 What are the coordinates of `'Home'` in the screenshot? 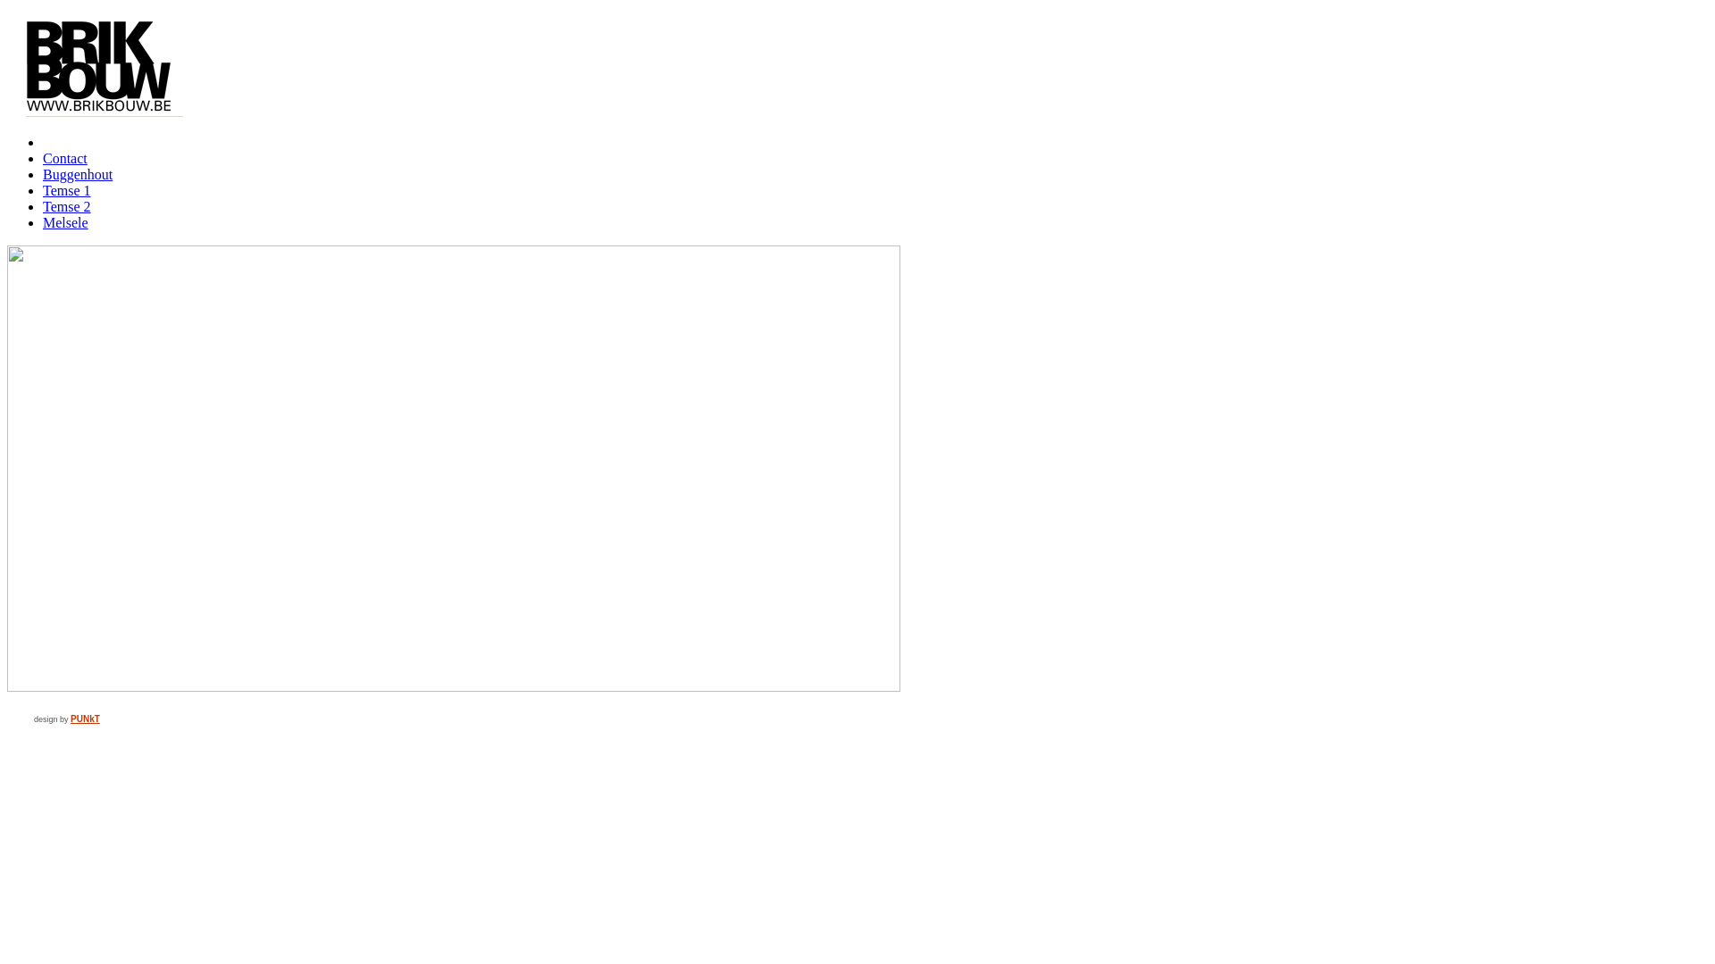 It's located at (43, 141).